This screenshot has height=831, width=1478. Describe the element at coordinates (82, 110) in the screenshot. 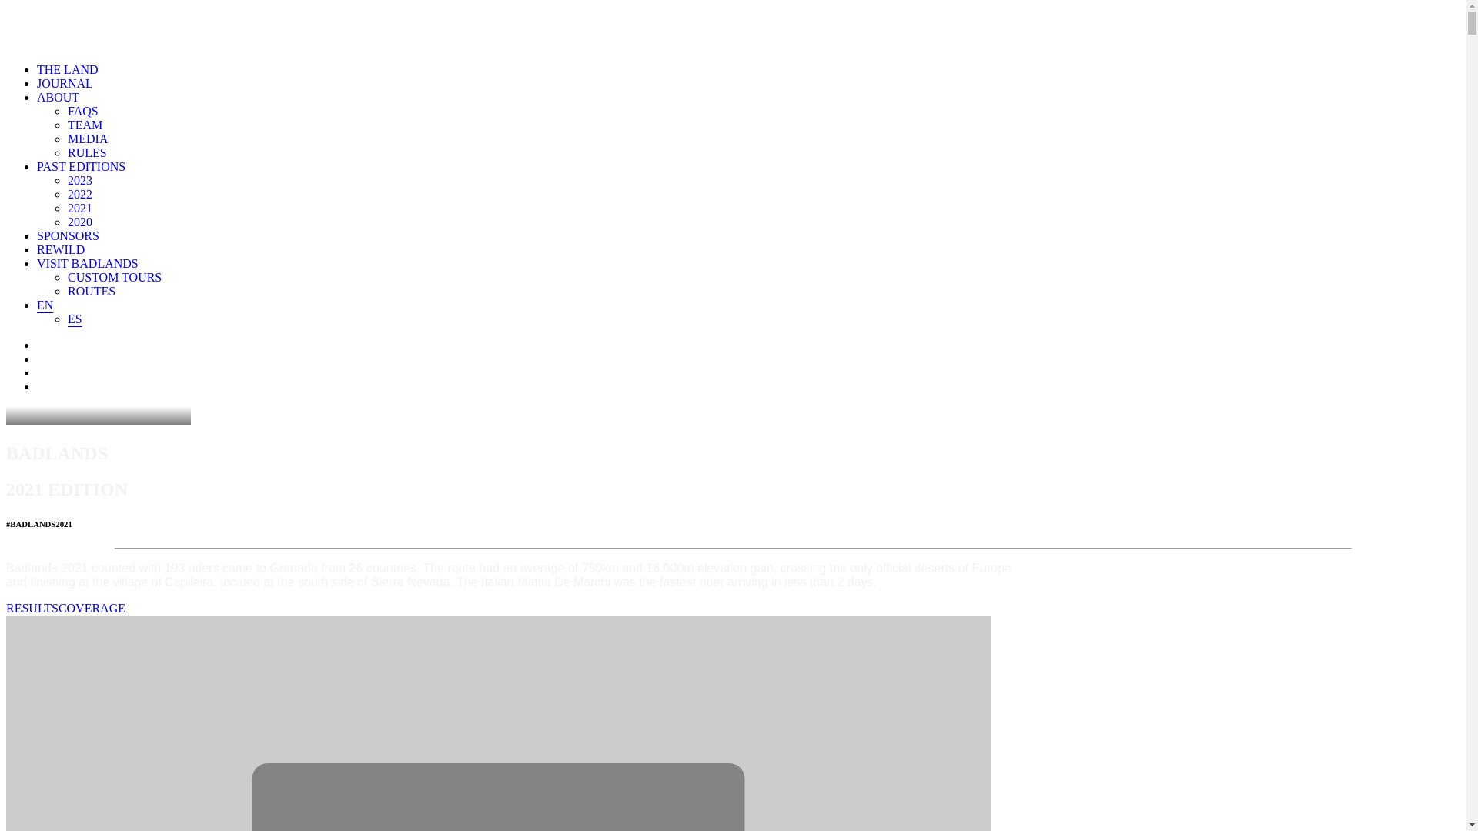

I see `'FAQS'` at that location.